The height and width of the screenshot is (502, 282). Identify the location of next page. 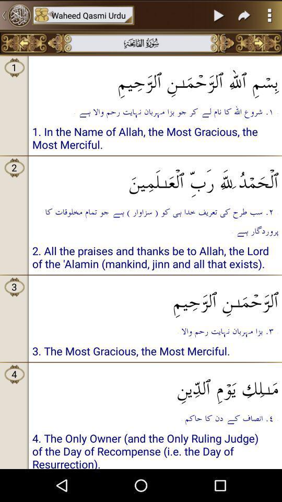
(257, 43).